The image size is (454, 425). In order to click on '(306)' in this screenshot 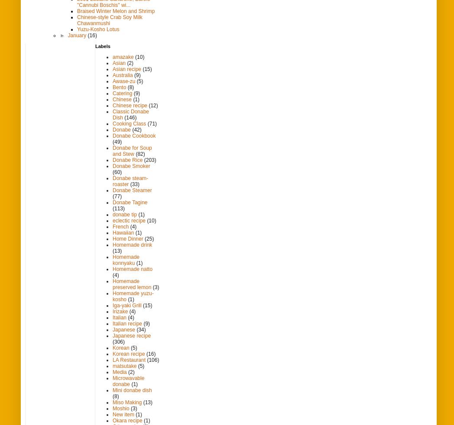, I will do `click(118, 342)`.